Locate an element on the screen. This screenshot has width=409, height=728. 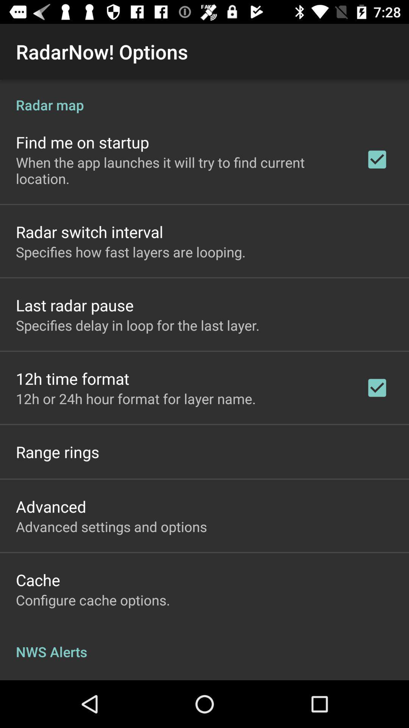
specifies delay in app is located at coordinates (137, 325).